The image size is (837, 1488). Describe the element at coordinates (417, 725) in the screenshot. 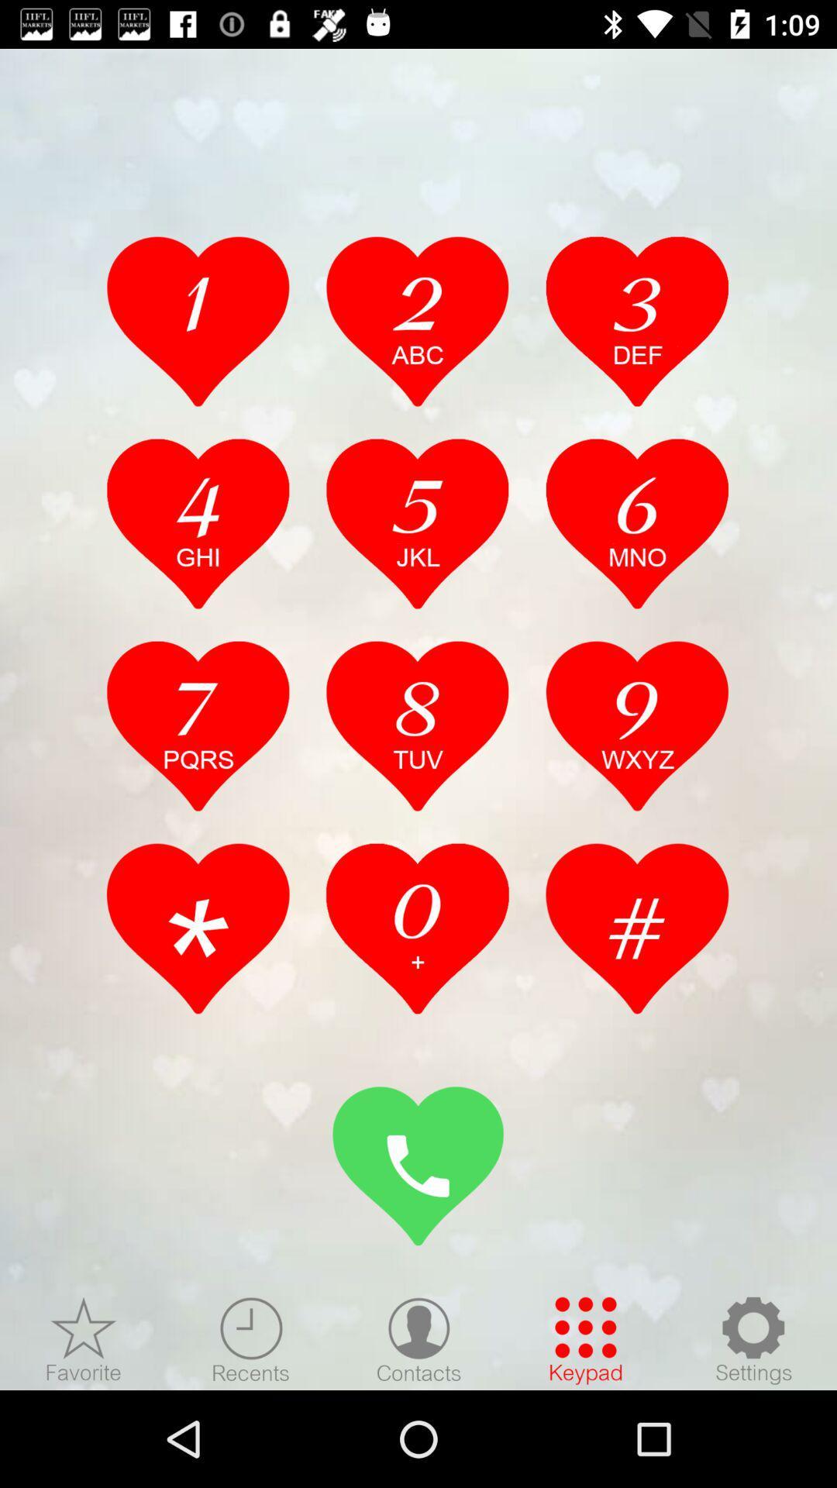

I see `num select option` at that location.